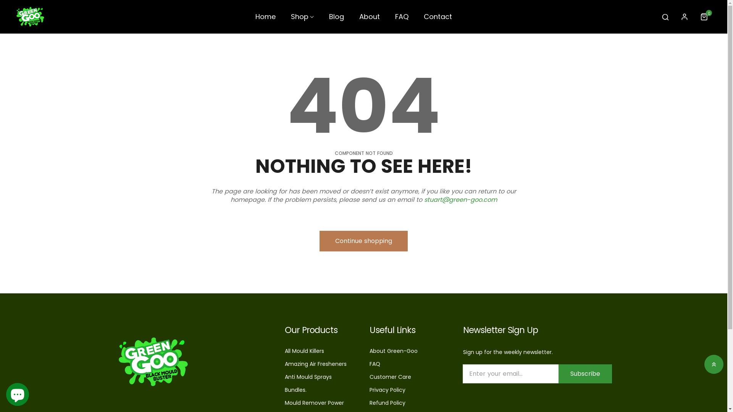 The height and width of the screenshot is (412, 733). I want to click on 'stuart@green-goo.com', so click(460, 199).